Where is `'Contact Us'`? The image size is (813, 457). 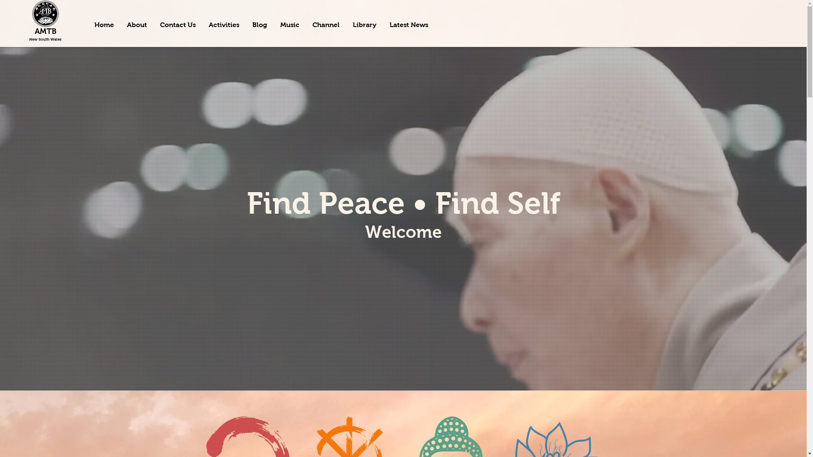
'Contact Us' is located at coordinates (177, 24).